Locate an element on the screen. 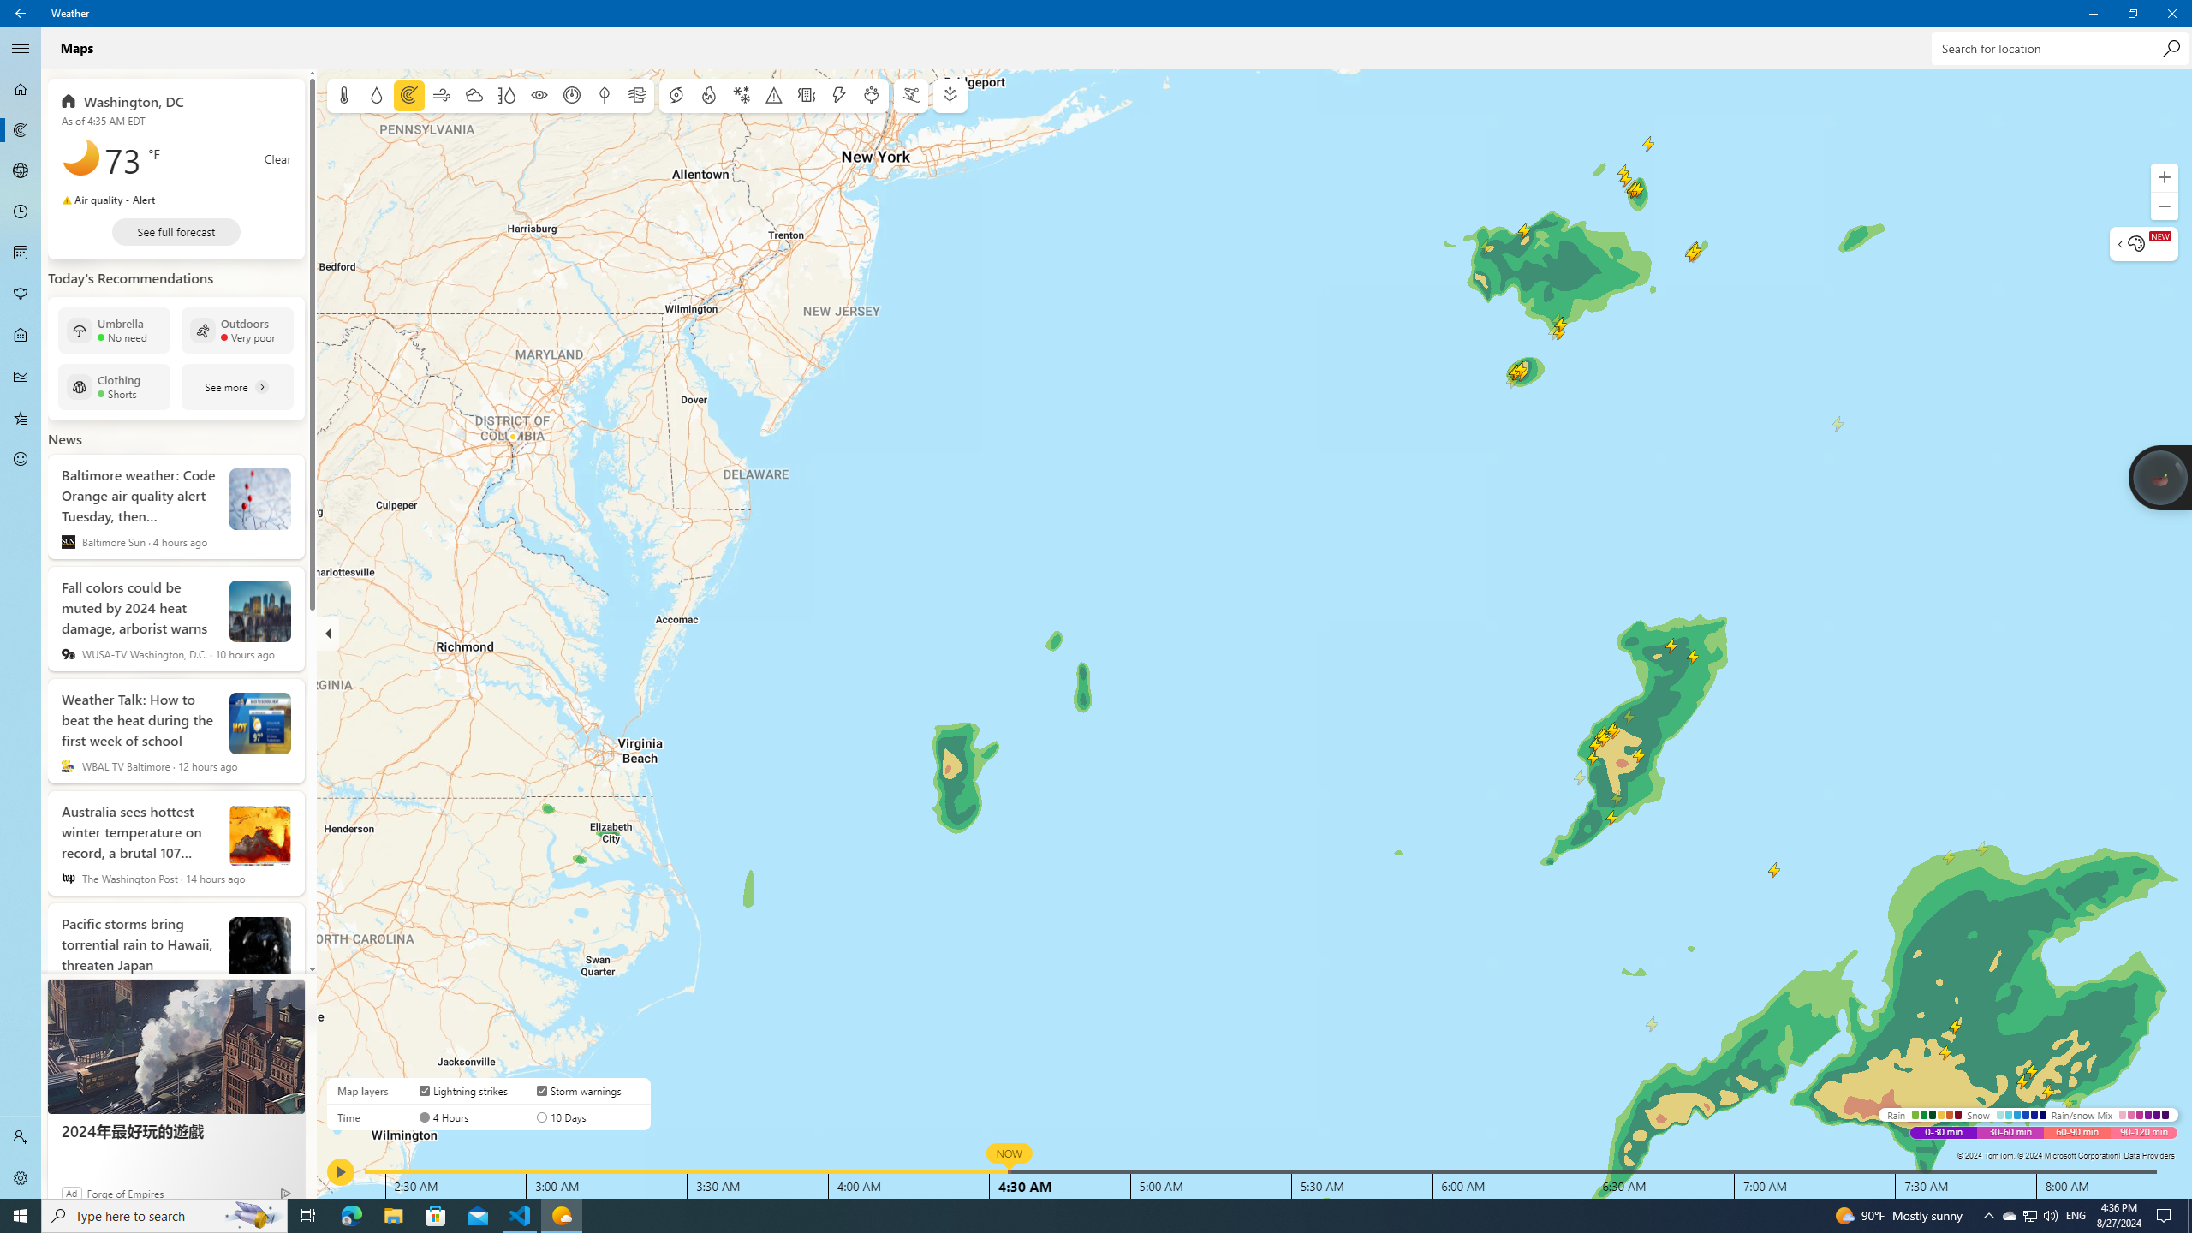 This screenshot has width=2192, height=1233. 'Search' is located at coordinates (2171, 47).